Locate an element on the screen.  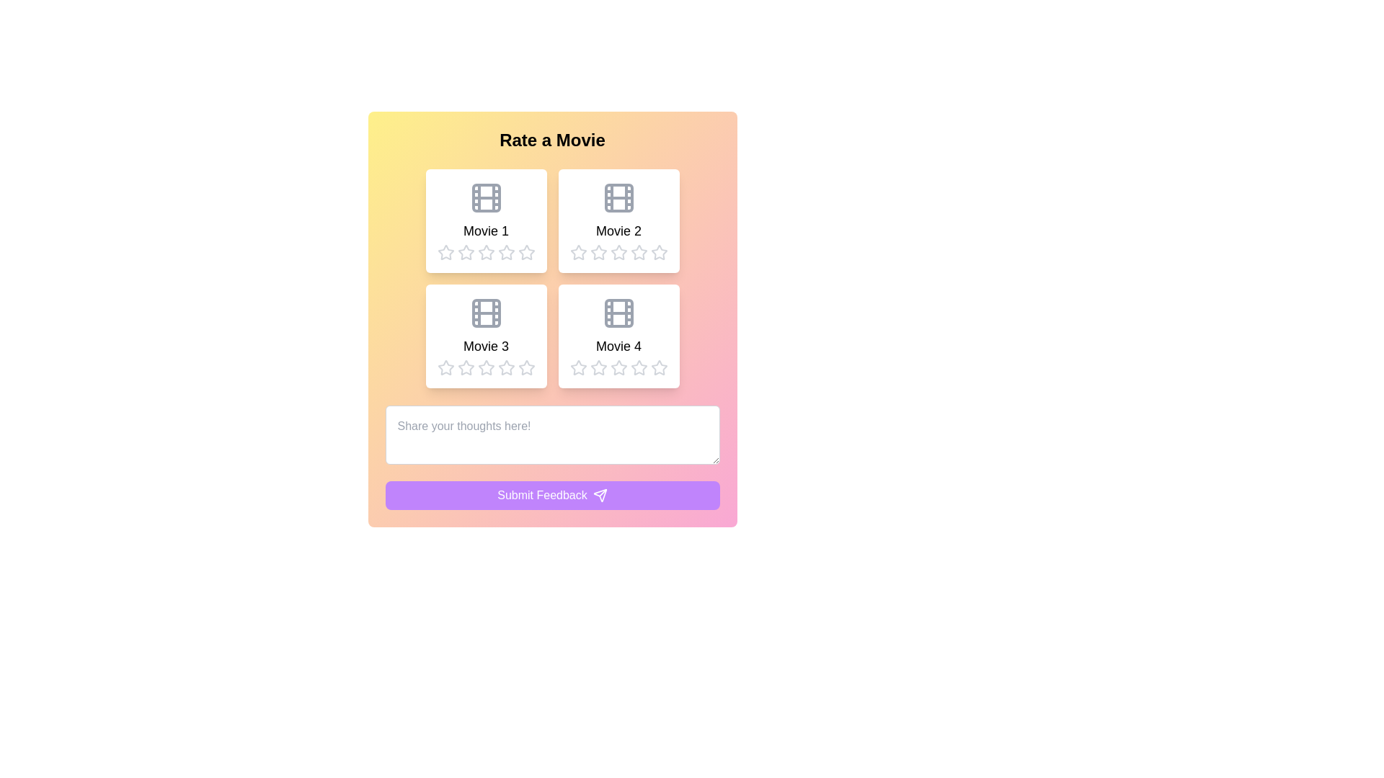
the fifth star-shaped icon in the rating section beneath the 'Movie 4' card to rate it is located at coordinates (658, 367).